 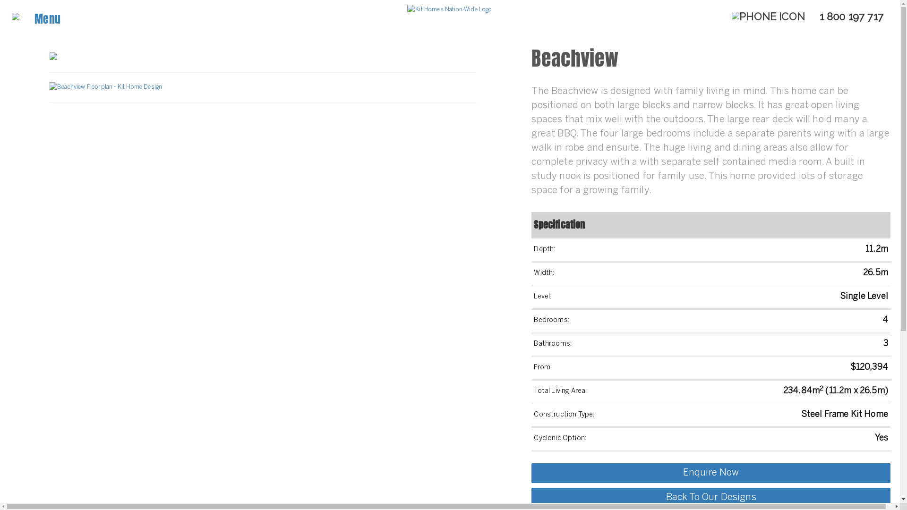 What do you see at coordinates (807, 17) in the screenshot?
I see `'    1 800 197 717'` at bounding box center [807, 17].